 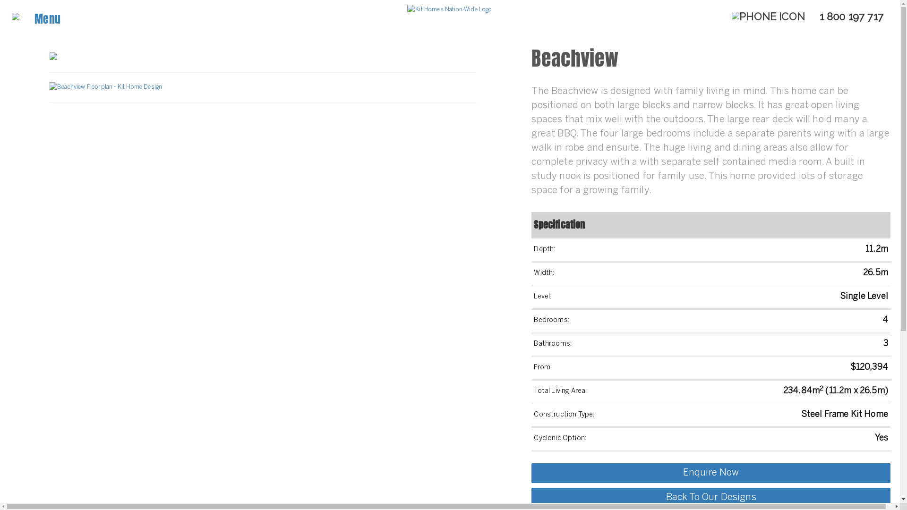 What do you see at coordinates (807, 17) in the screenshot?
I see `'    1 800 197 717'` at bounding box center [807, 17].